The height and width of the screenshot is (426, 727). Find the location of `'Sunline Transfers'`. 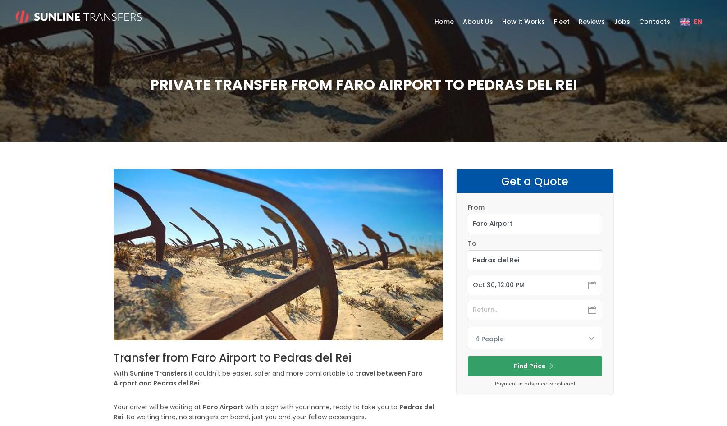

'Sunline Transfers' is located at coordinates (158, 372).